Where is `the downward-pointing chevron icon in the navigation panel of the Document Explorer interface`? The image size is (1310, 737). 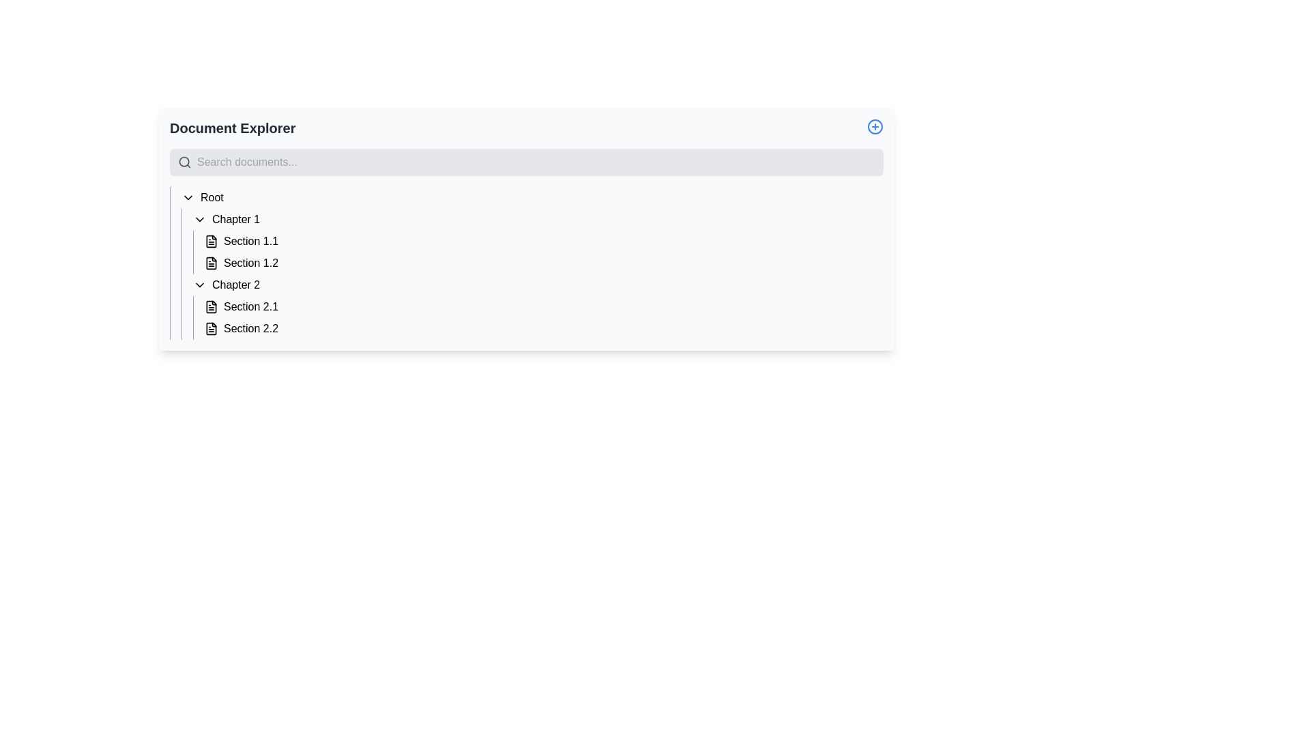
the downward-pointing chevron icon in the navigation panel of the Document Explorer interface is located at coordinates (199, 218).